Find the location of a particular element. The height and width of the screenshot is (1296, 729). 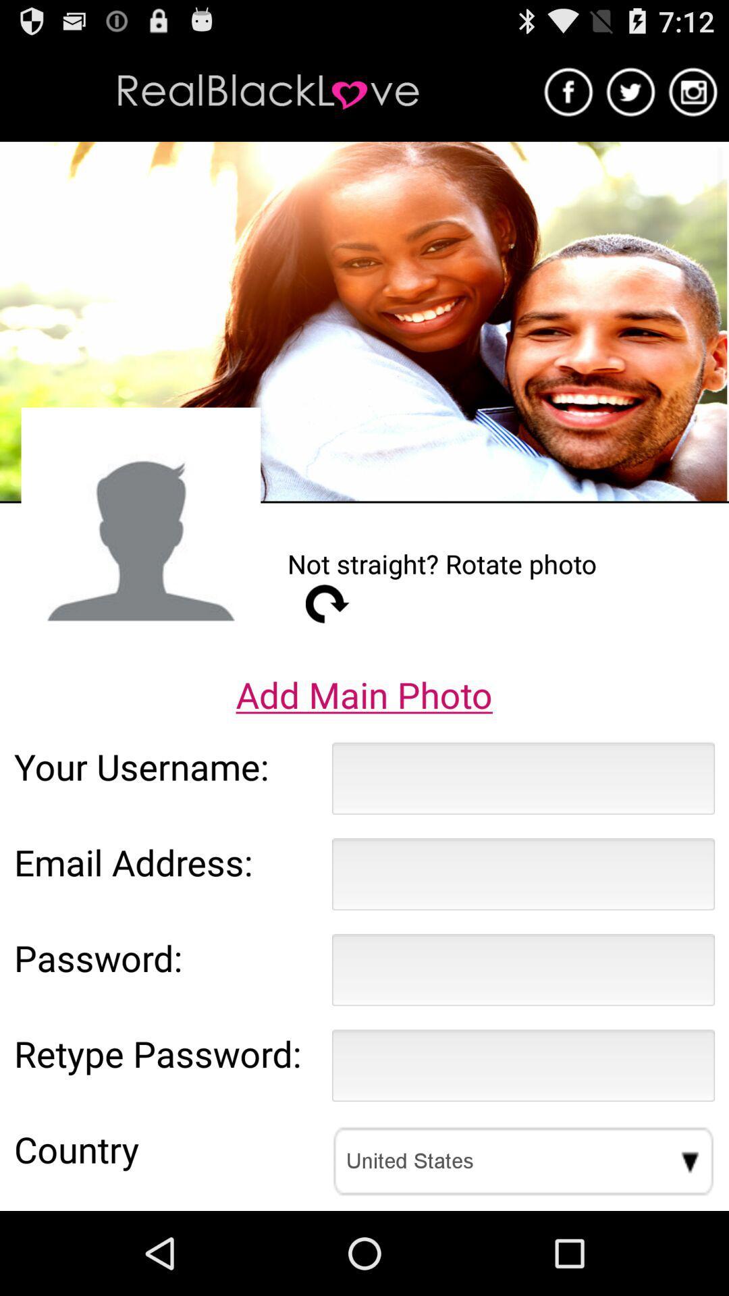

add main photo item is located at coordinates (363, 695).